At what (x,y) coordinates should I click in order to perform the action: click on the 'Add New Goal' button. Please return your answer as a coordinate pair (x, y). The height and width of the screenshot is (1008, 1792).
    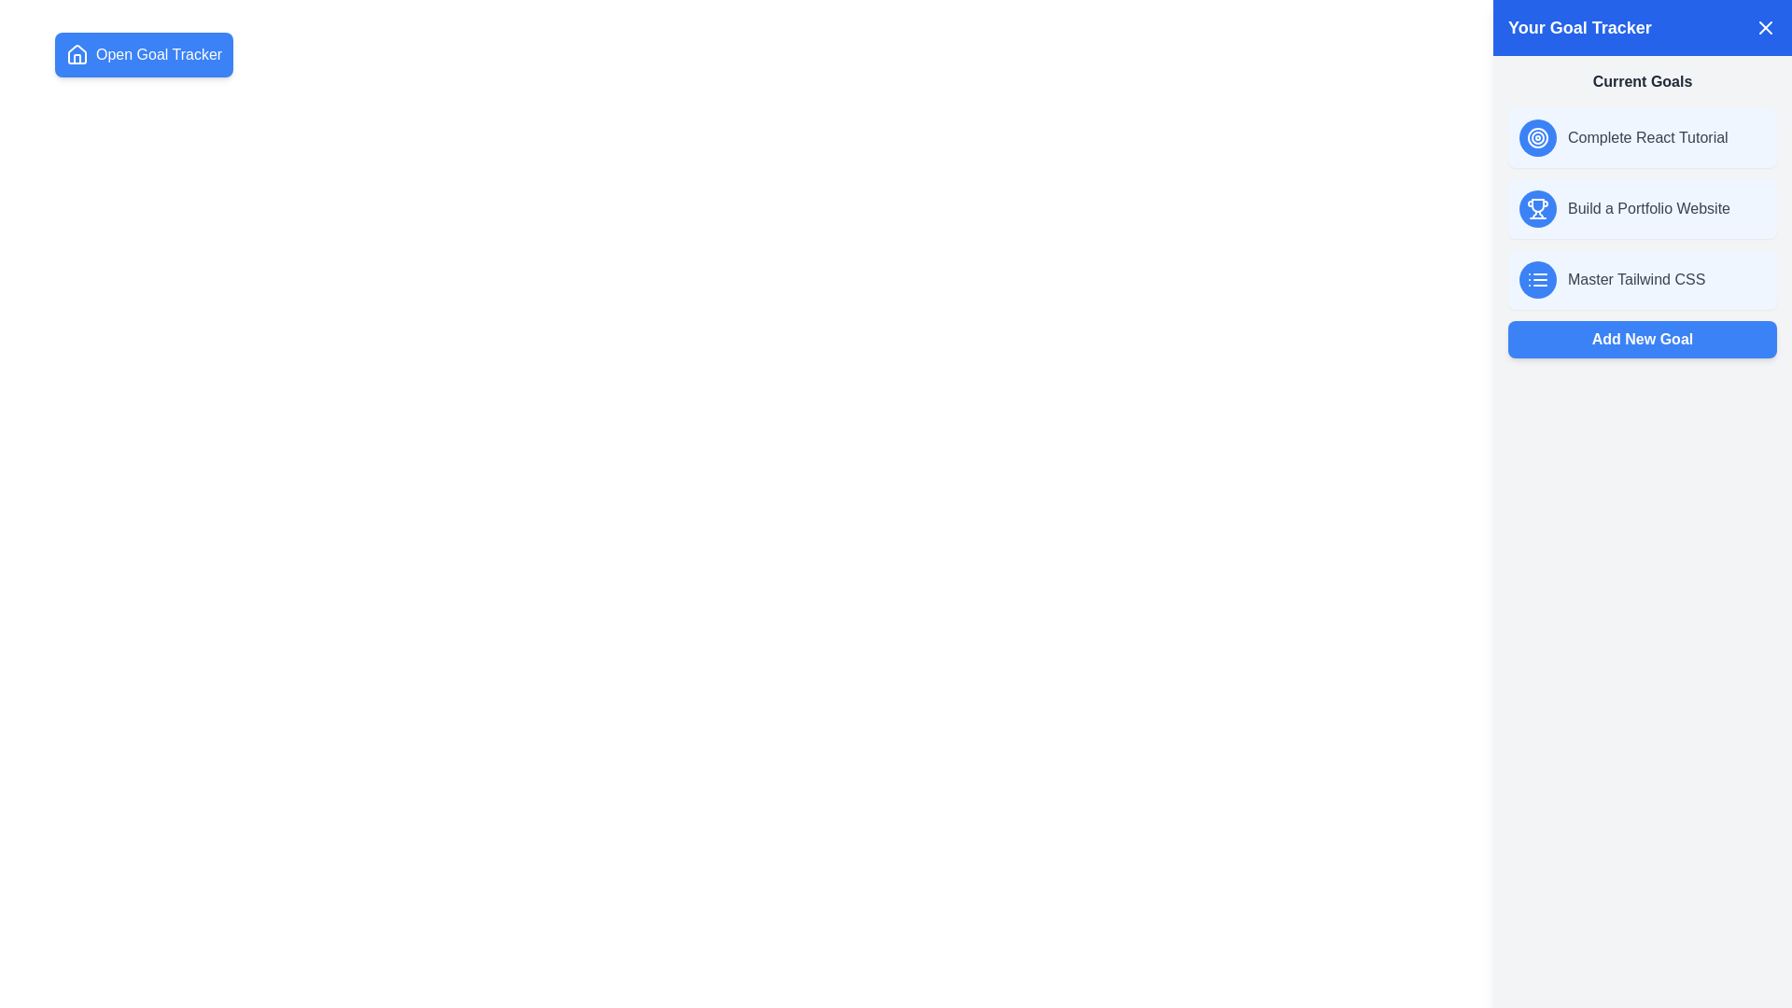
    Looking at the image, I should click on (1643, 339).